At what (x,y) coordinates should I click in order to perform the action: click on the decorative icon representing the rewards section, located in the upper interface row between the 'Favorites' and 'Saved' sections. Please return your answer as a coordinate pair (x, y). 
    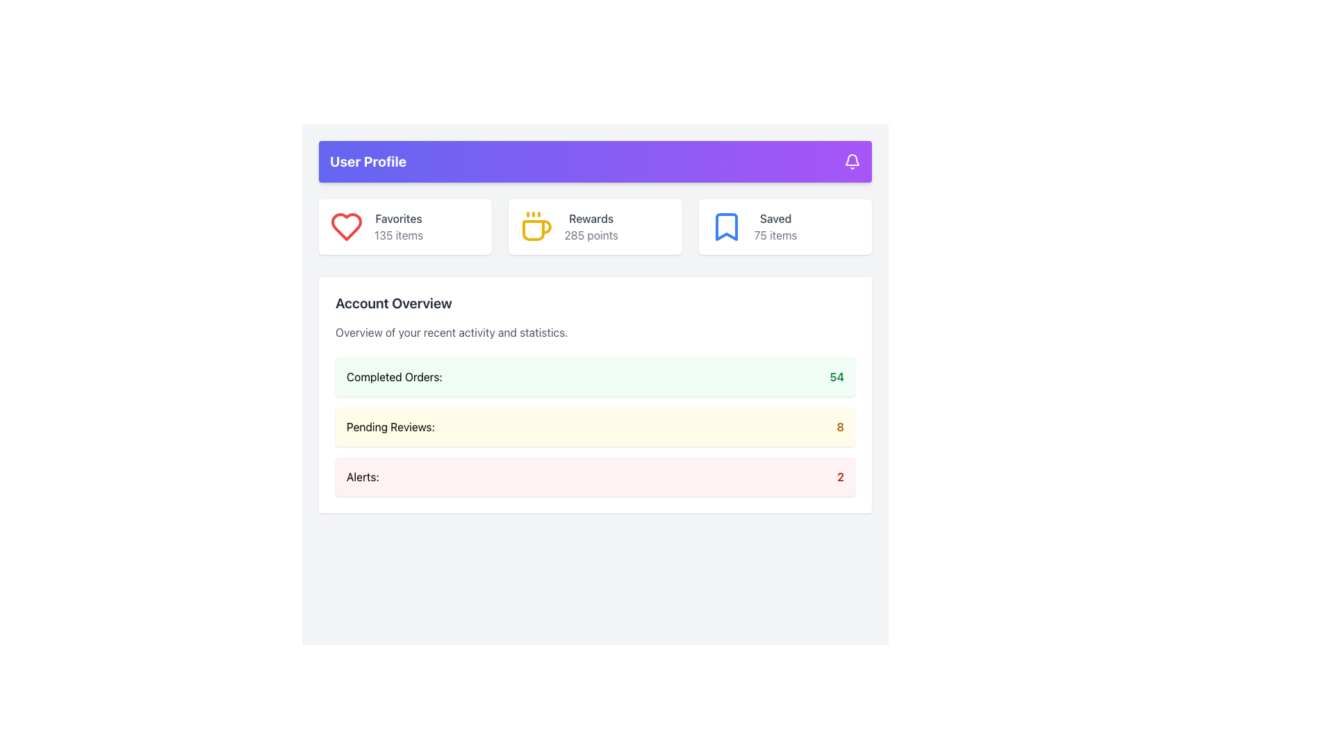
    Looking at the image, I should click on (536, 226).